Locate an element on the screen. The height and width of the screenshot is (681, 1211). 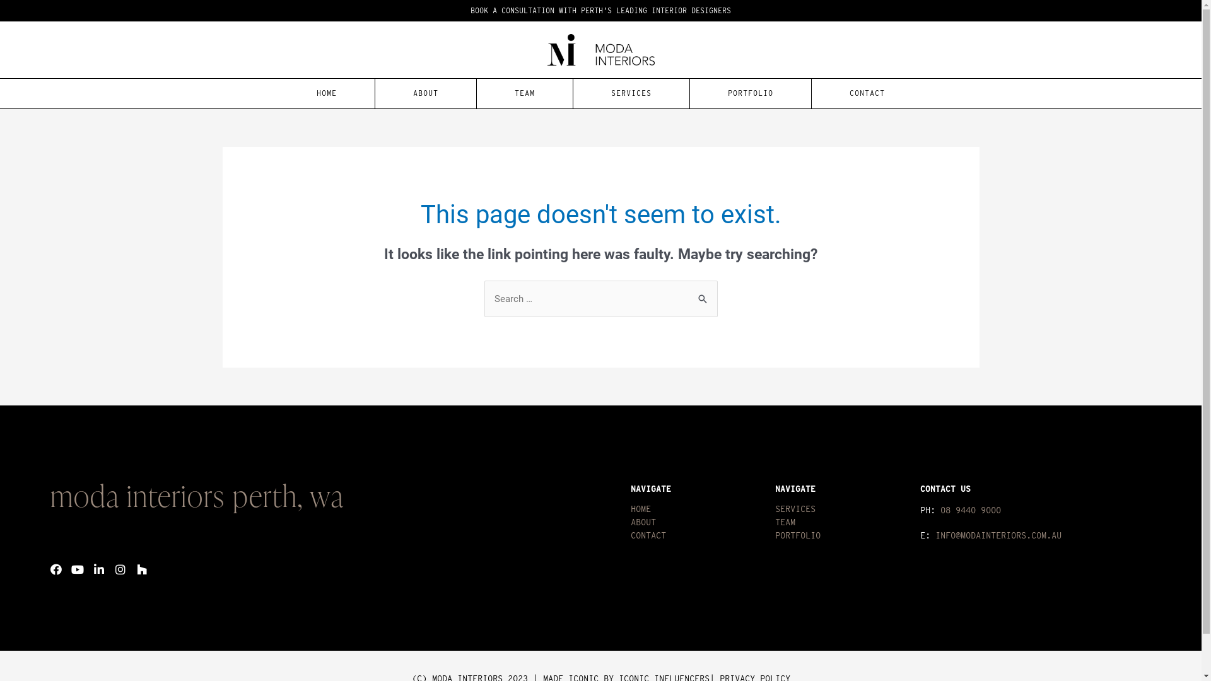
'TEAM' is located at coordinates (841, 522).